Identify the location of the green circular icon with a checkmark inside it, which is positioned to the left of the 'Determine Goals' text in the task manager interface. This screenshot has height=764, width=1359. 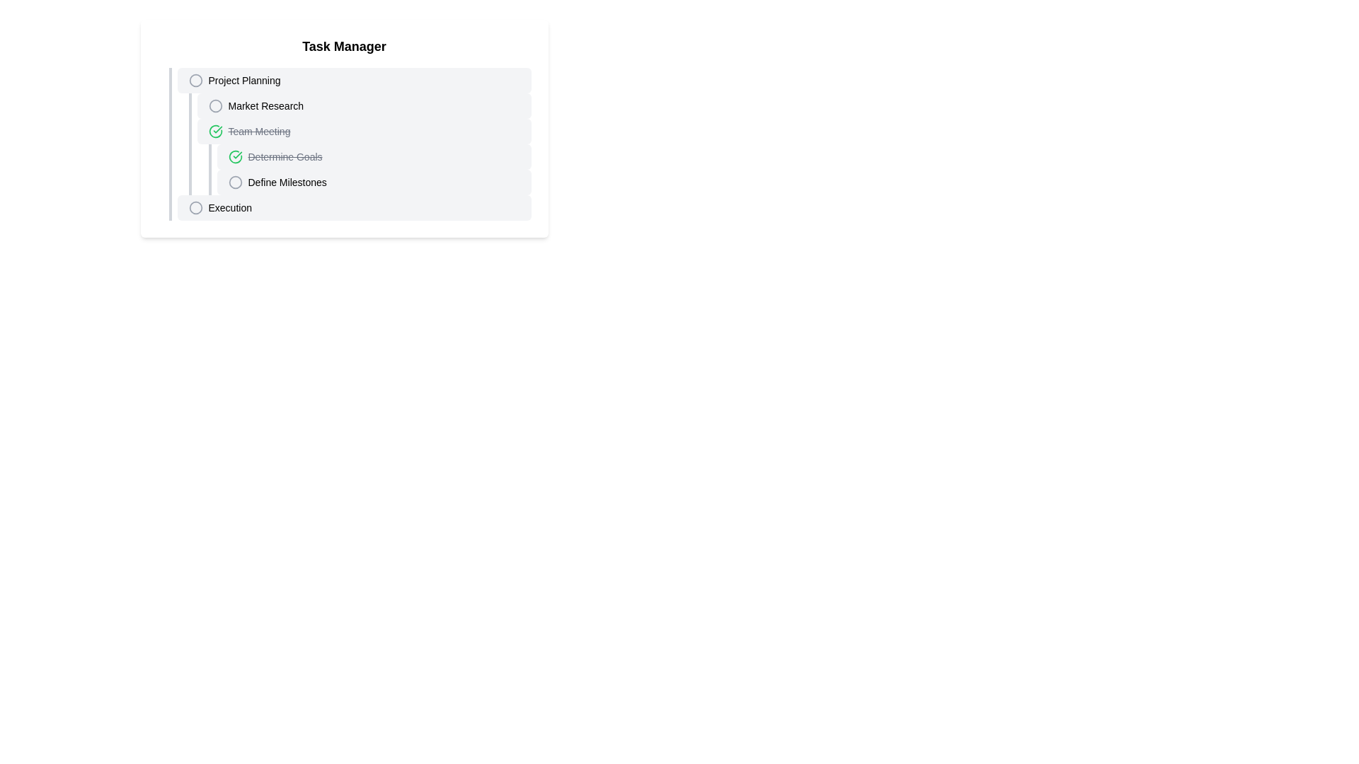
(214, 131).